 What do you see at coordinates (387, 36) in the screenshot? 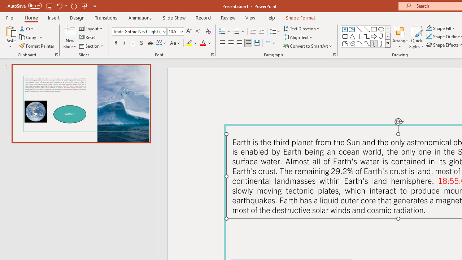
I see `'Row Down'` at bounding box center [387, 36].